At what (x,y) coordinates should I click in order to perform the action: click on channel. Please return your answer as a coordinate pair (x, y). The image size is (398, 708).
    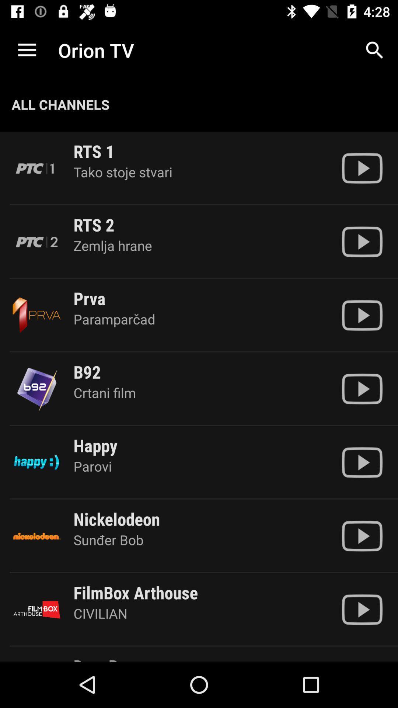
    Looking at the image, I should click on (362, 610).